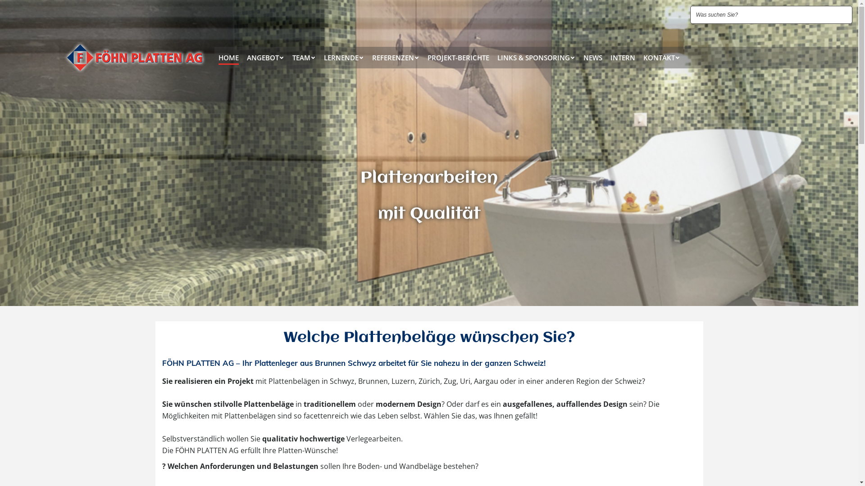  Describe the element at coordinates (396, 58) in the screenshot. I see `'REFERENZEN'` at that location.